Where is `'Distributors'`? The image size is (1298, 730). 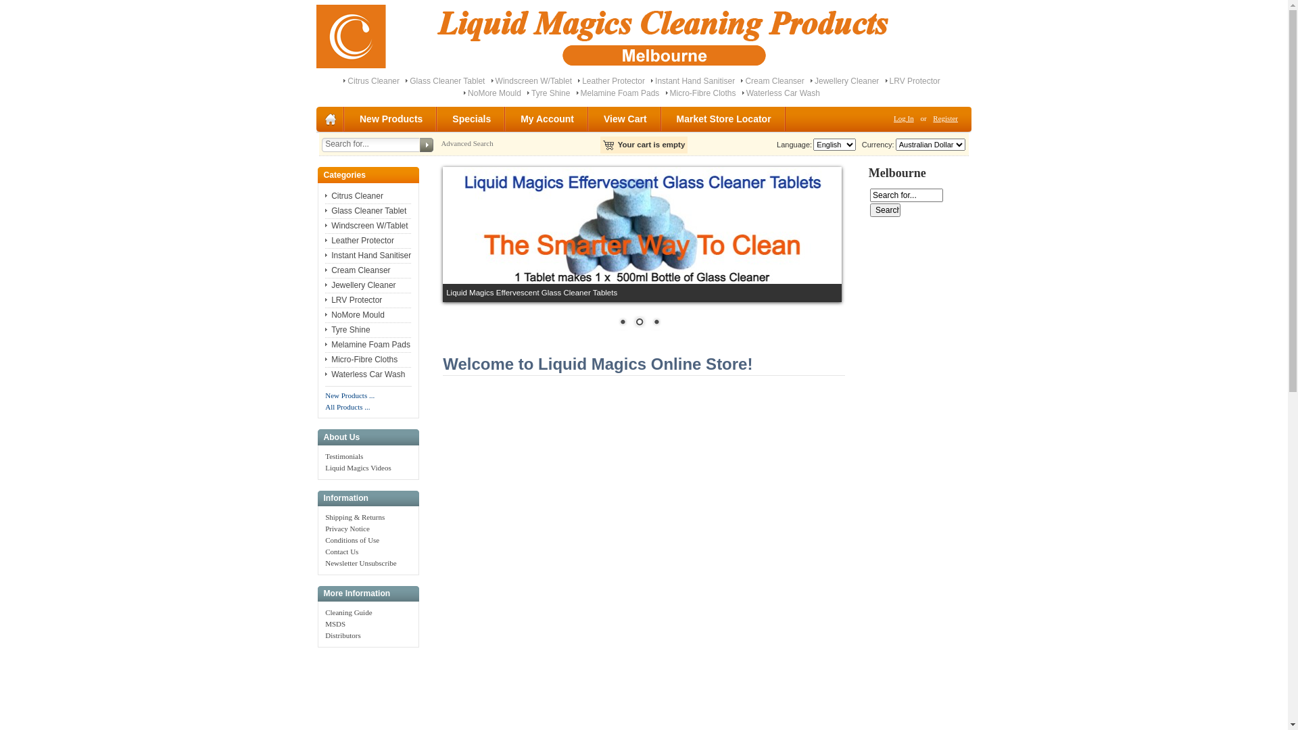
'Distributors' is located at coordinates (324, 635).